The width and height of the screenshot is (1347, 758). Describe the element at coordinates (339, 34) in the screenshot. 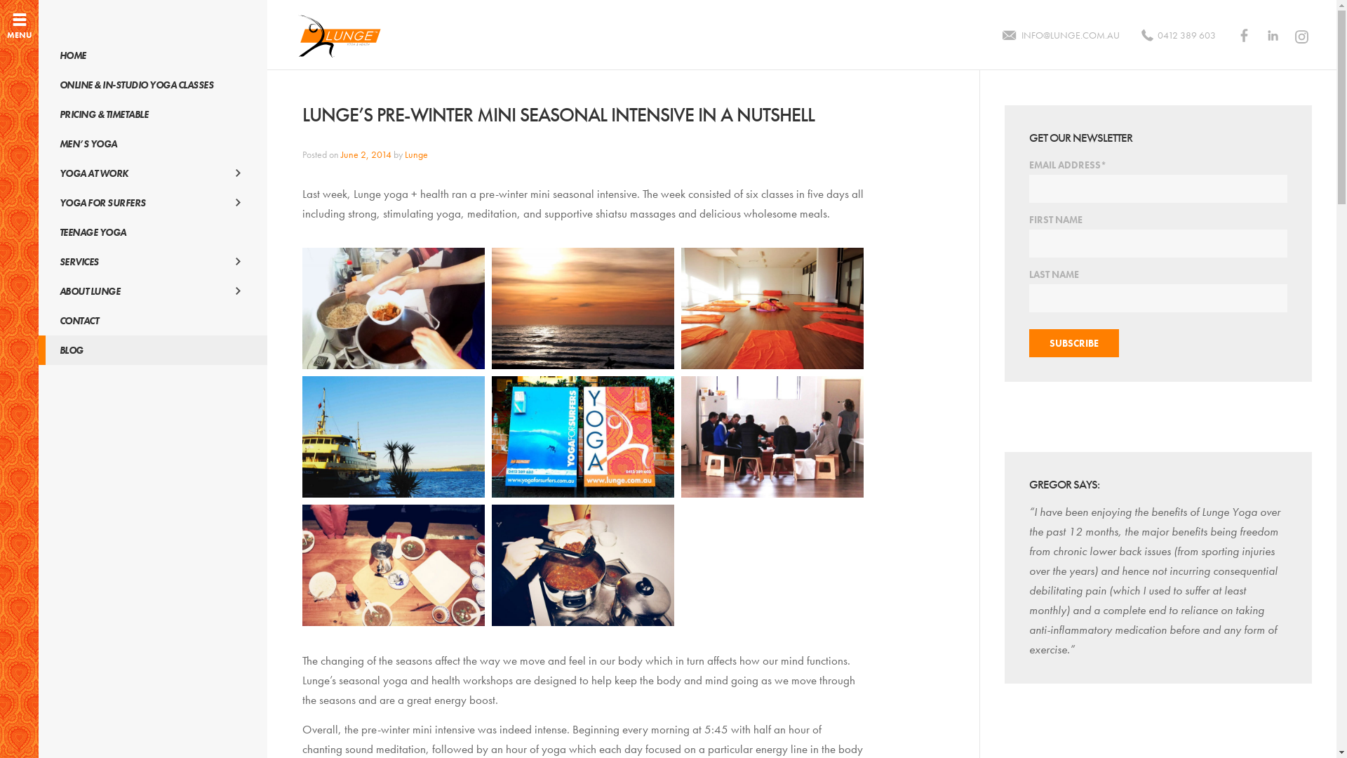

I see `'LUNGE YOGA AND HEALTH'` at that location.